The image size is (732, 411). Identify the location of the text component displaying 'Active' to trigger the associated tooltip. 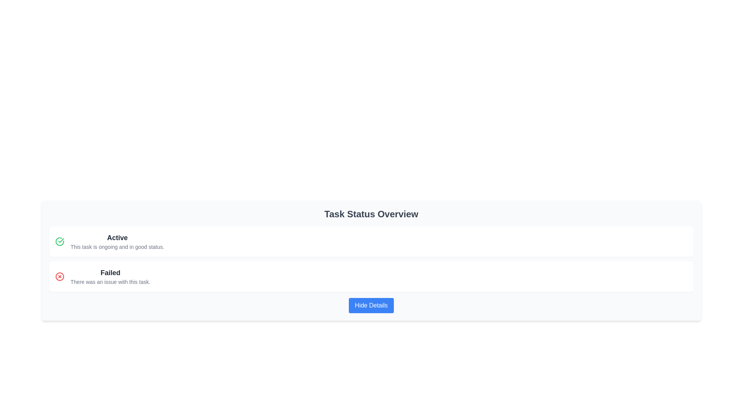
(117, 242).